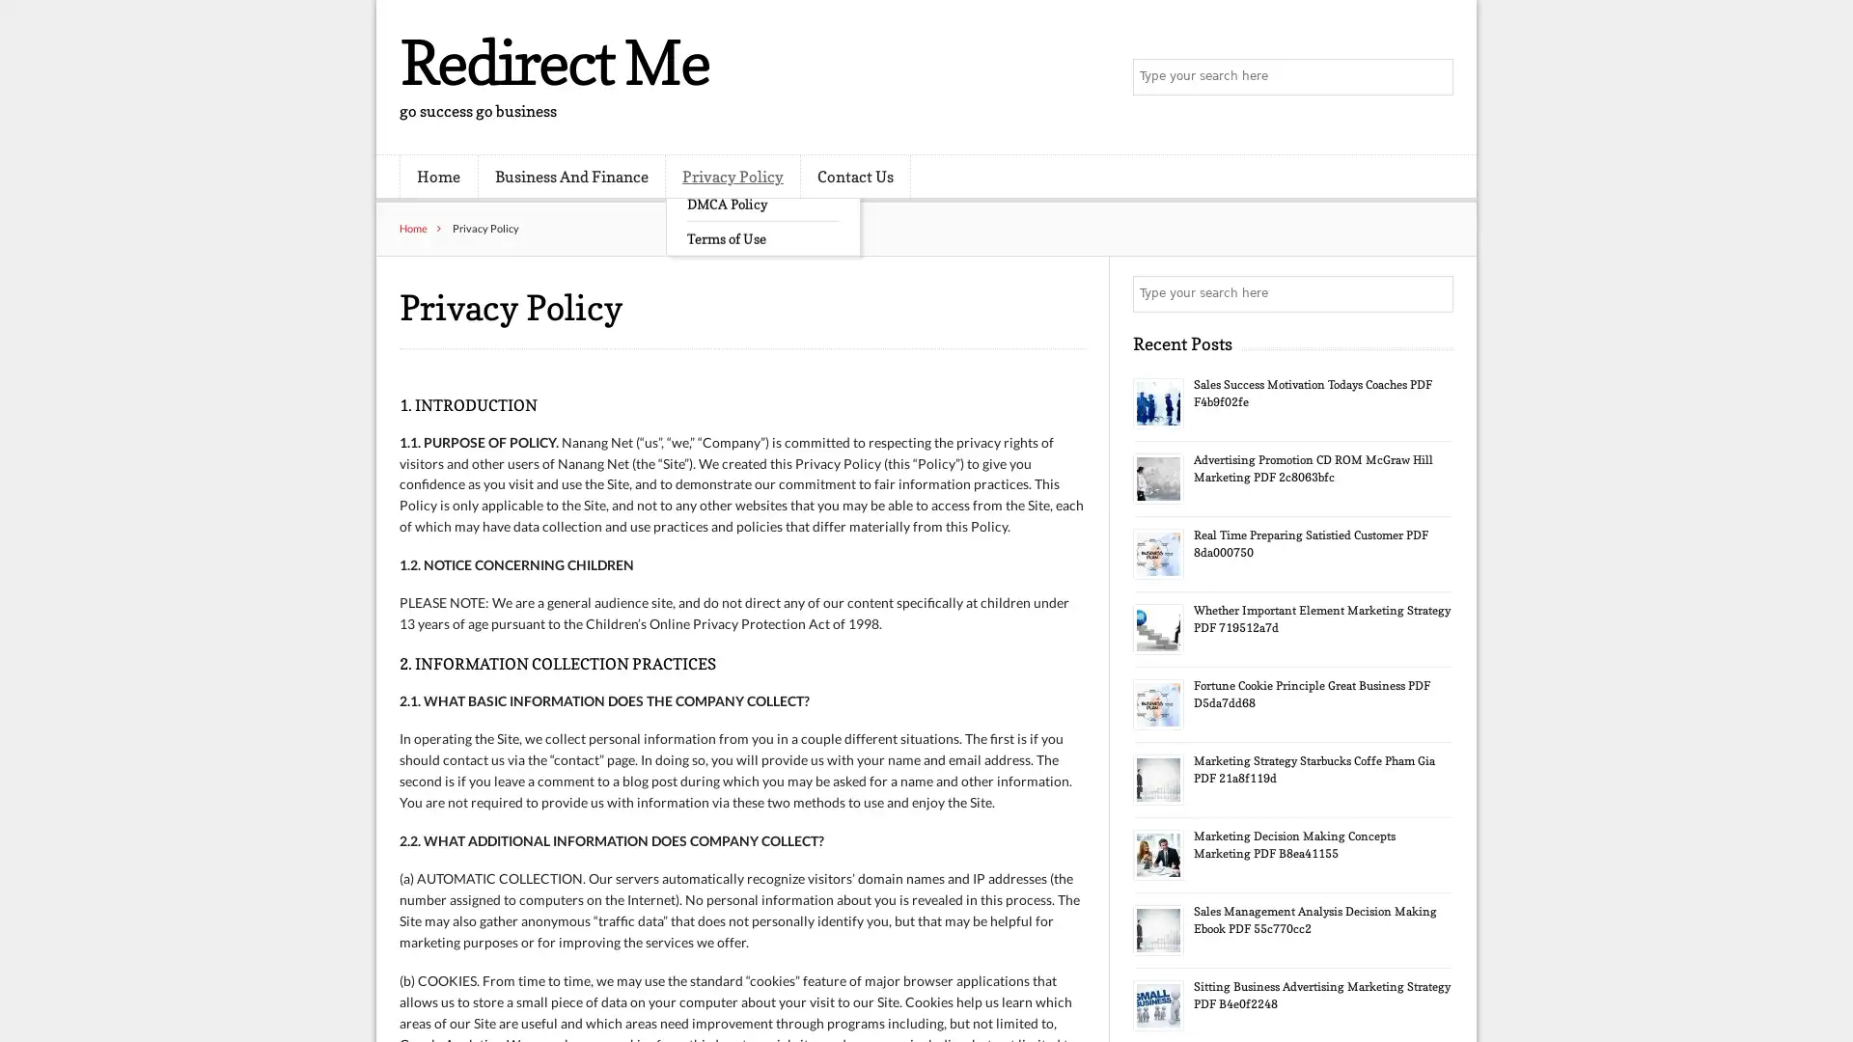  I want to click on Search, so click(1433, 293).